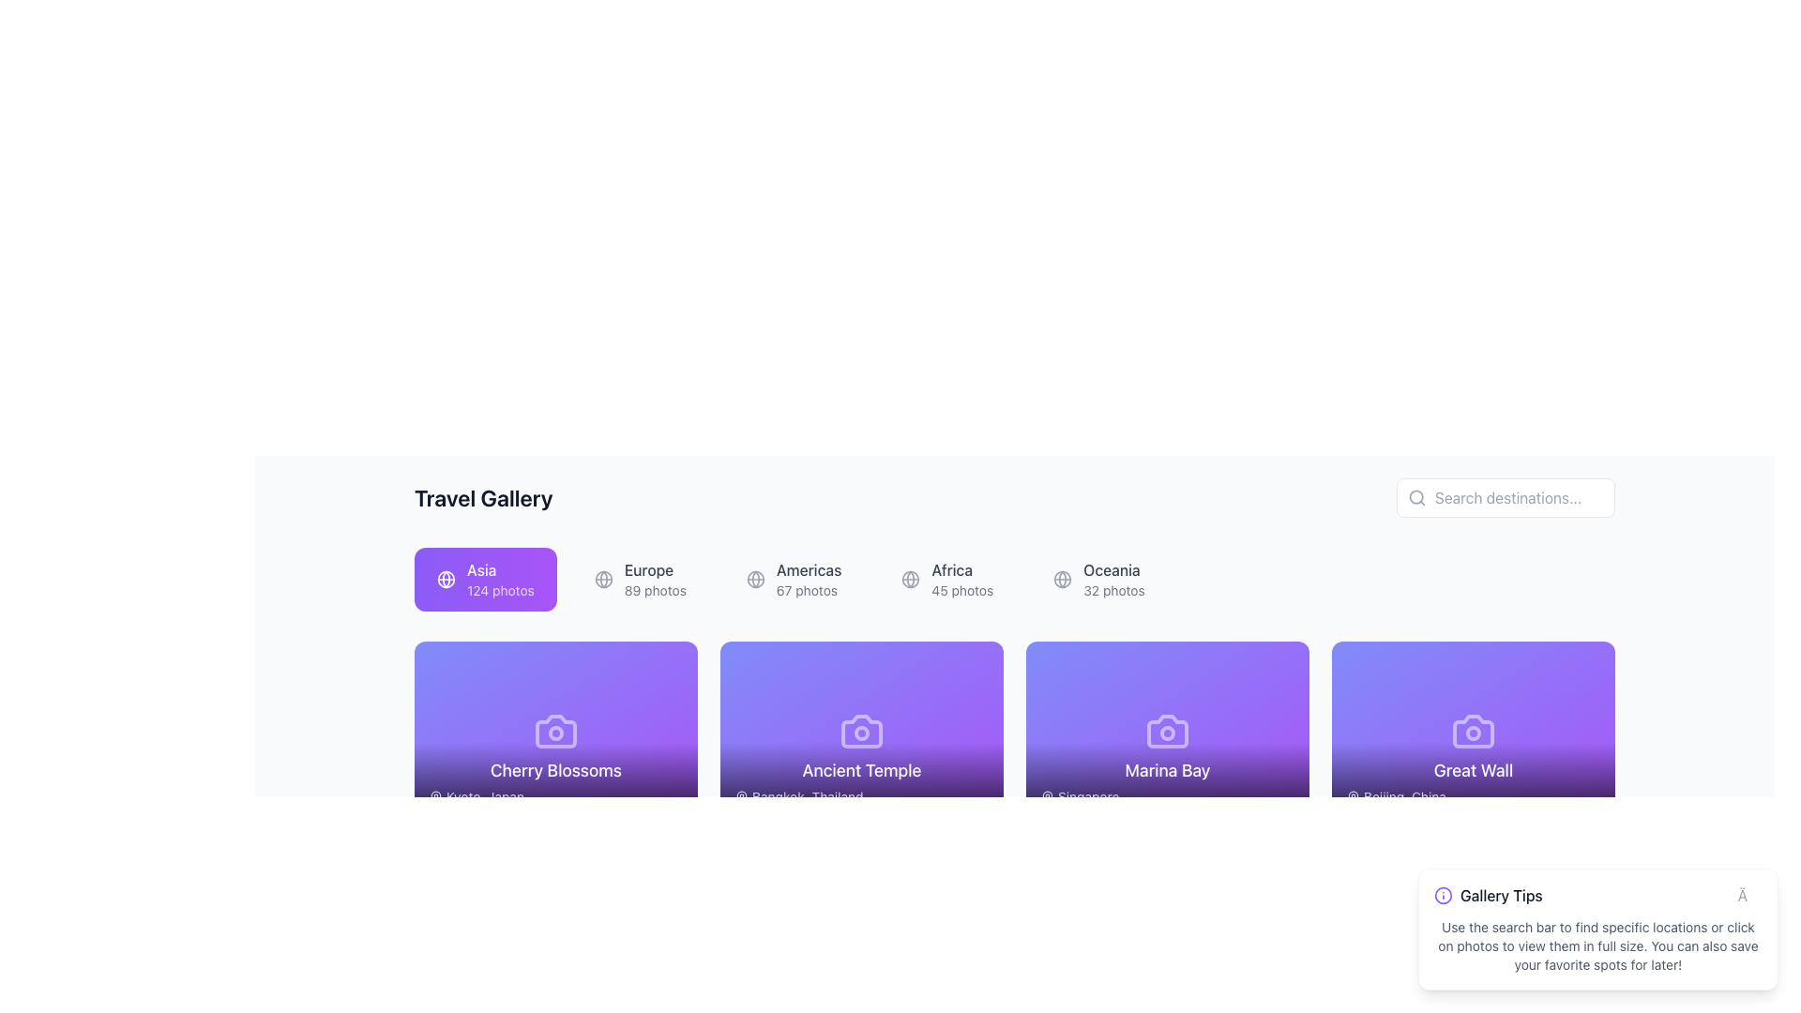 This screenshot has width=1801, height=1013. What do you see at coordinates (860, 796) in the screenshot?
I see `the text label displaying 'Bangkok, Thailand' located under the main heading 'Ancient Temple'` at bounding box center [860, 796].